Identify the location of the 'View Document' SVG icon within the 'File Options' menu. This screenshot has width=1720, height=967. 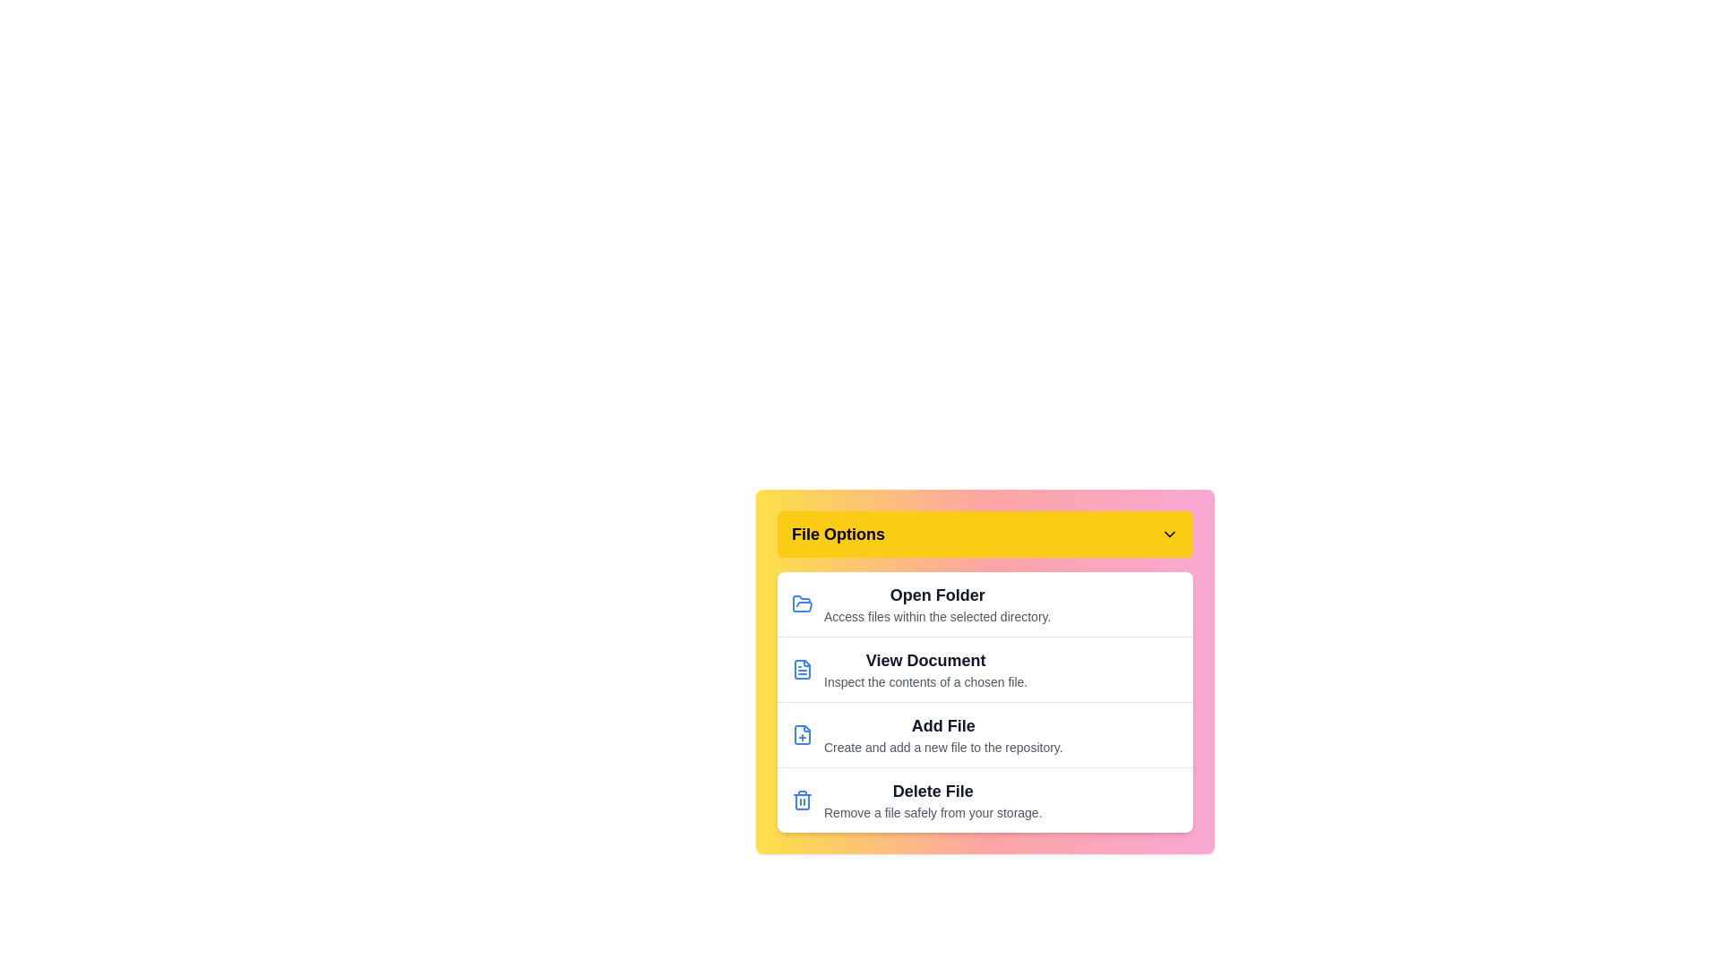
(802, 670).